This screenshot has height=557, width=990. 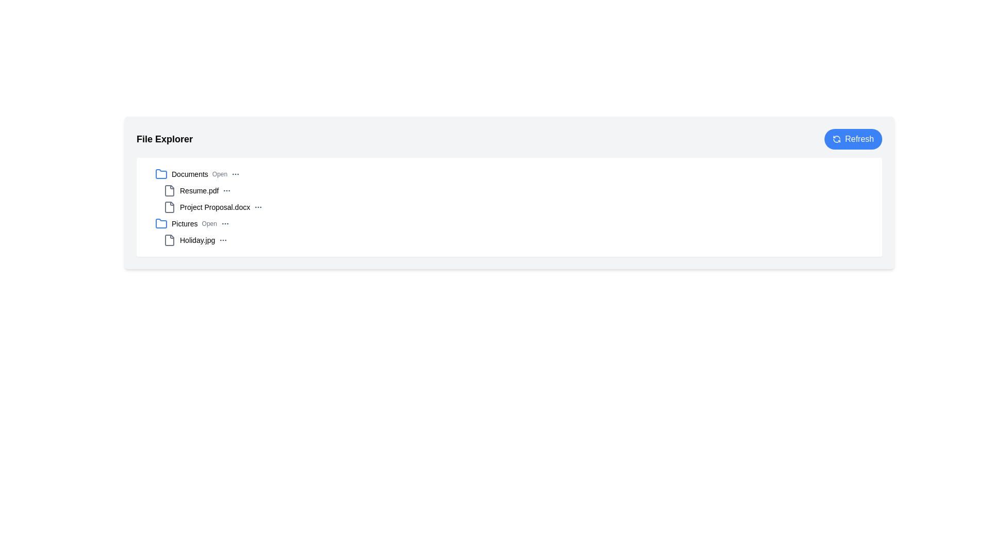 I want to click on the folder icon in the file explorer, which is a small icon with a blue outline located to the immediate left of the 'Pictures Open' text label, so click(x=160, y=222).